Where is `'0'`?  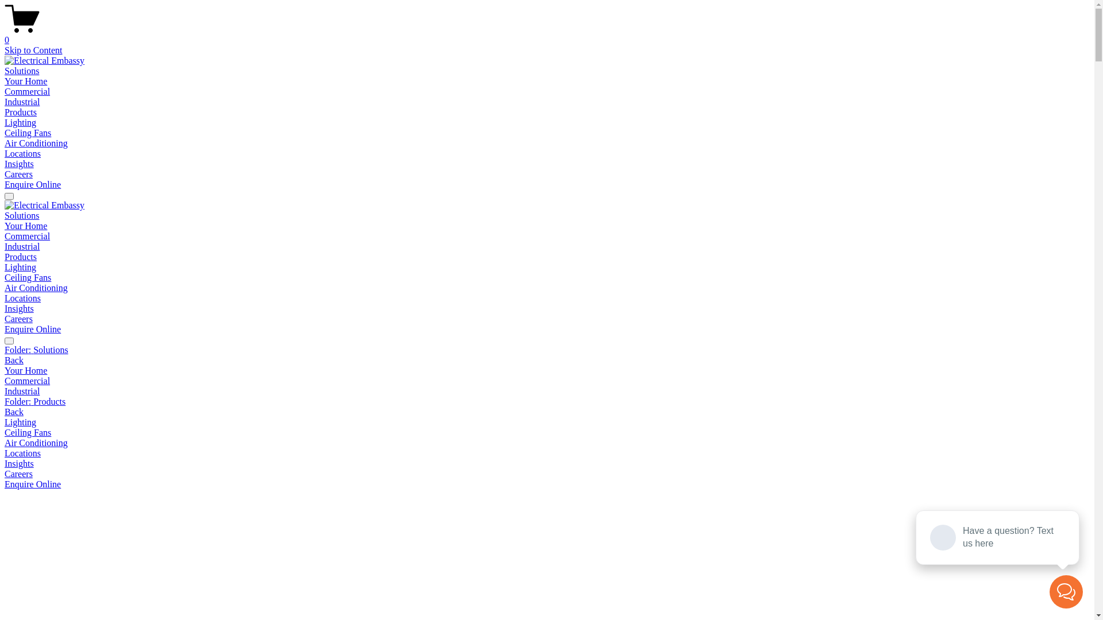
'0' is located at coordinates (546, 34).